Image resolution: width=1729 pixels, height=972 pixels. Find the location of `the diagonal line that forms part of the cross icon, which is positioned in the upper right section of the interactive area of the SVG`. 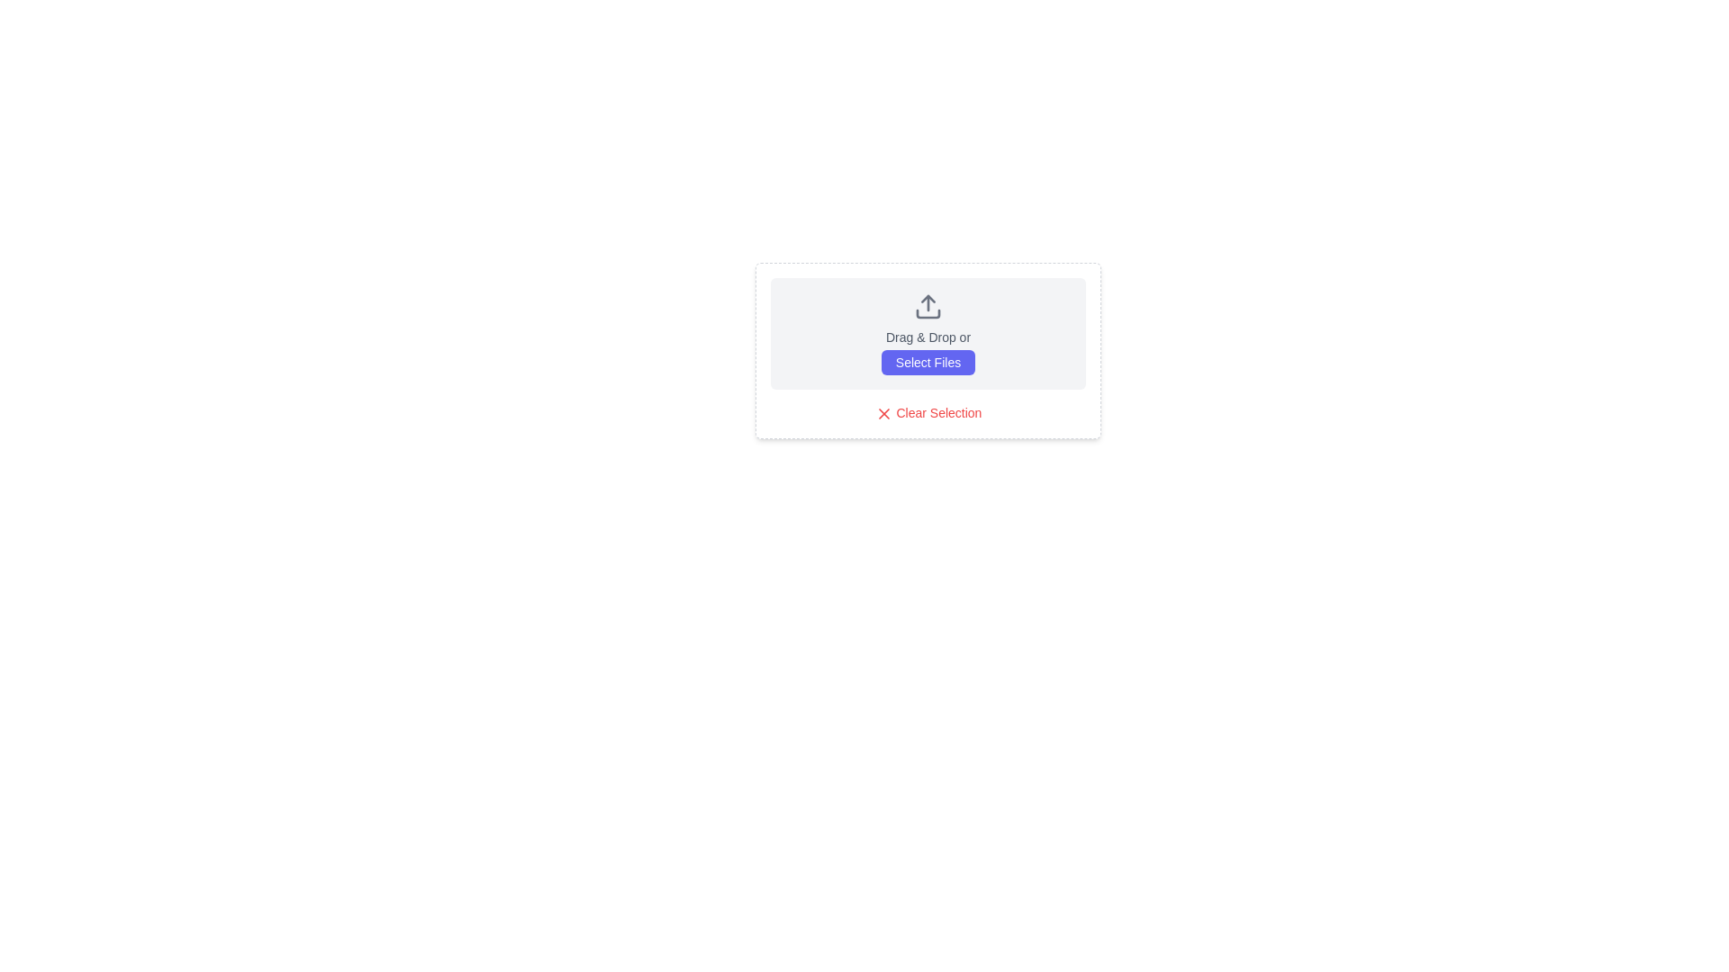

the diagonal line that forms part of the cross icon, which is positioned in the upper right section of the interactive area of the SVG is located at coordinates (883, 414).